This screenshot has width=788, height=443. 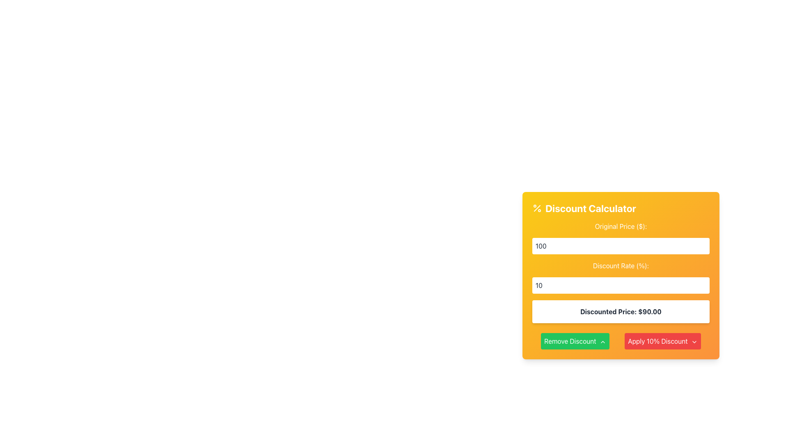 What do you see at coordinates (621, 311) in the screenshot?
I see `displayed discounted price from the Static display text located in the 'Discount Calculator' section, which is positioned above the 'Remove Discount' and 'Apply 10% Discount' buttons` at bounding box center [621, 311].